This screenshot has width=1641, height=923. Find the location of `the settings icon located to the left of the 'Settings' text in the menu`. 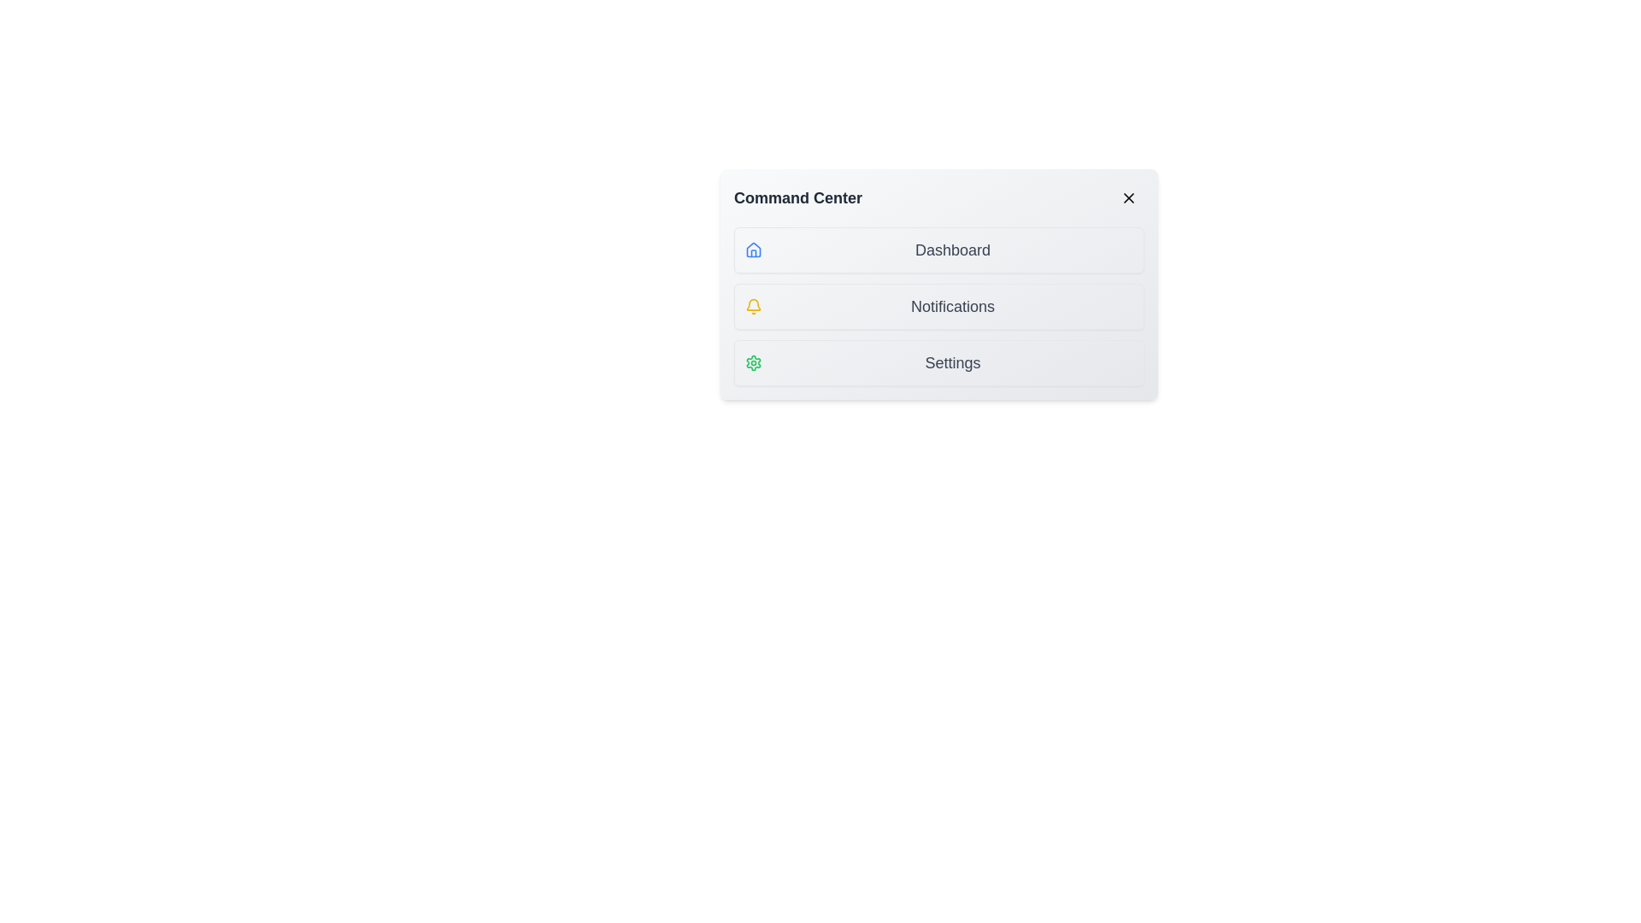

the settings icon located to the left of the 'Settings' text in the menu is located at coordinates (753, 362).